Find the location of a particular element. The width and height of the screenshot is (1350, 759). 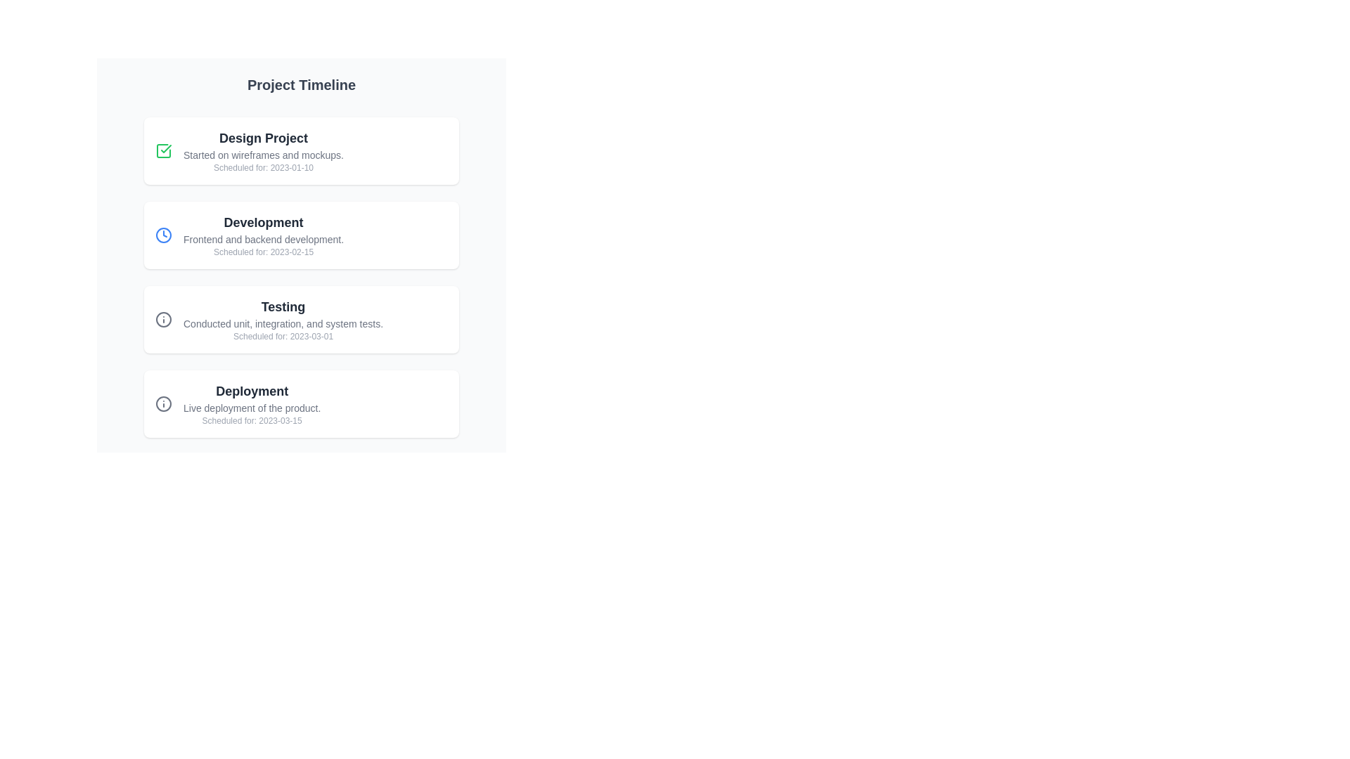

the text of the 'Design Project' milestone card located at the top of the project timeline list for accessibility purposes is located at coordinates (263, 151).